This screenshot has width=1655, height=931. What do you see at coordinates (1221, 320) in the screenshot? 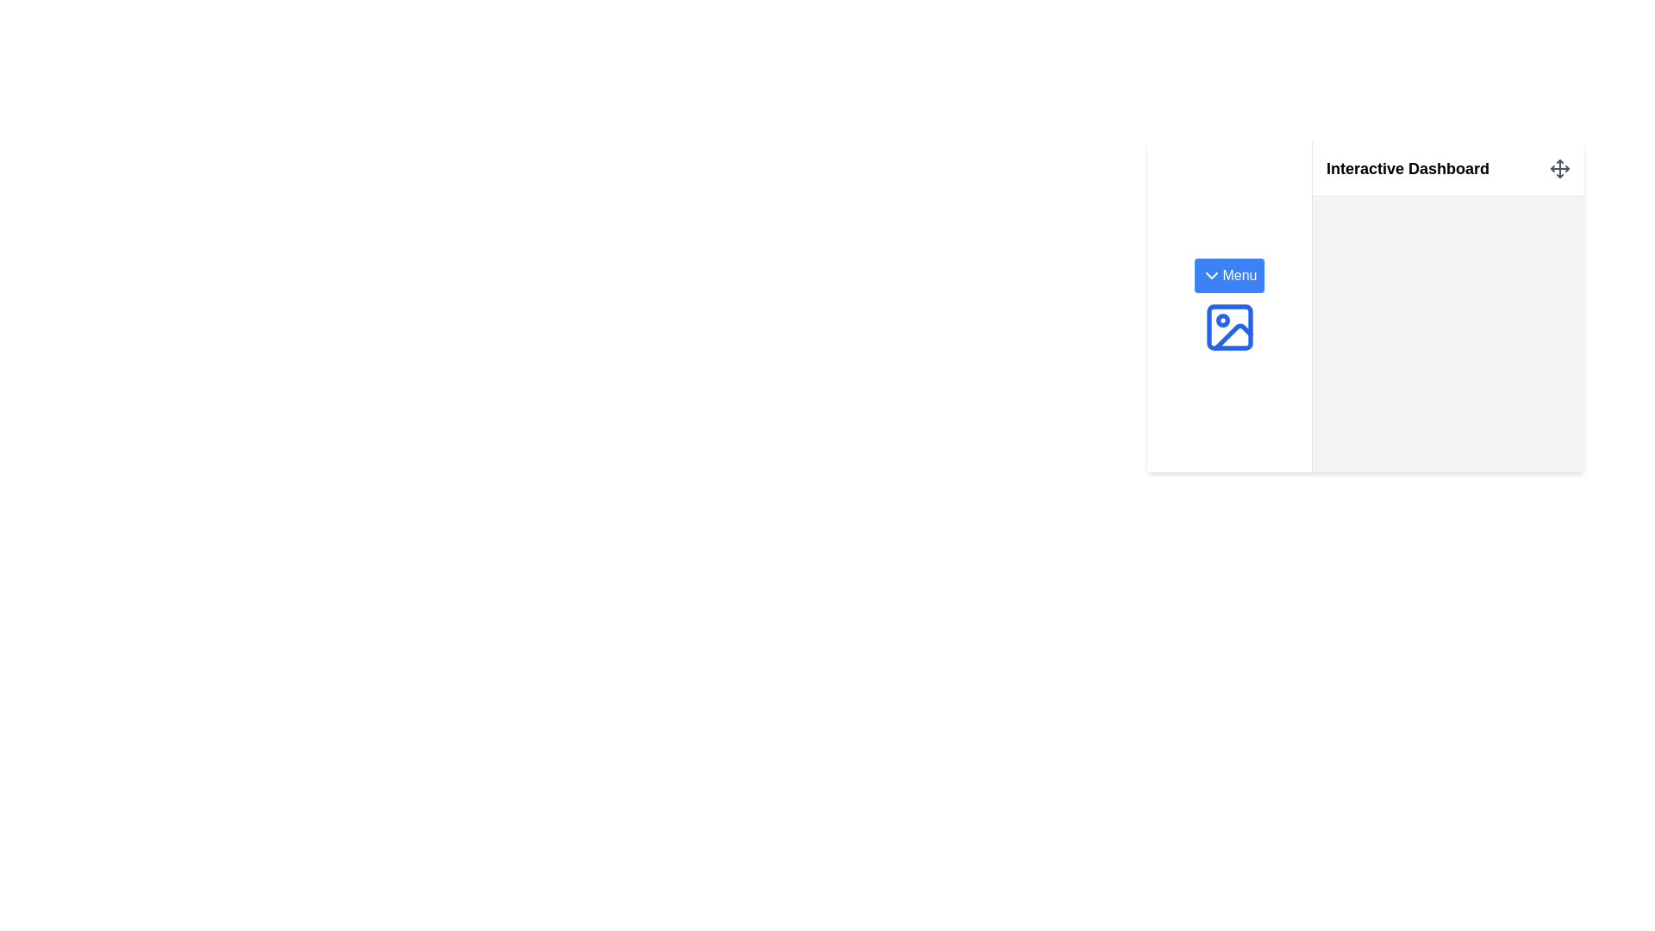
I see `the graphical decoration element situated inside the image icon below the 'Menu' button in the left section of the interface` at bounding box center [1221, 320].